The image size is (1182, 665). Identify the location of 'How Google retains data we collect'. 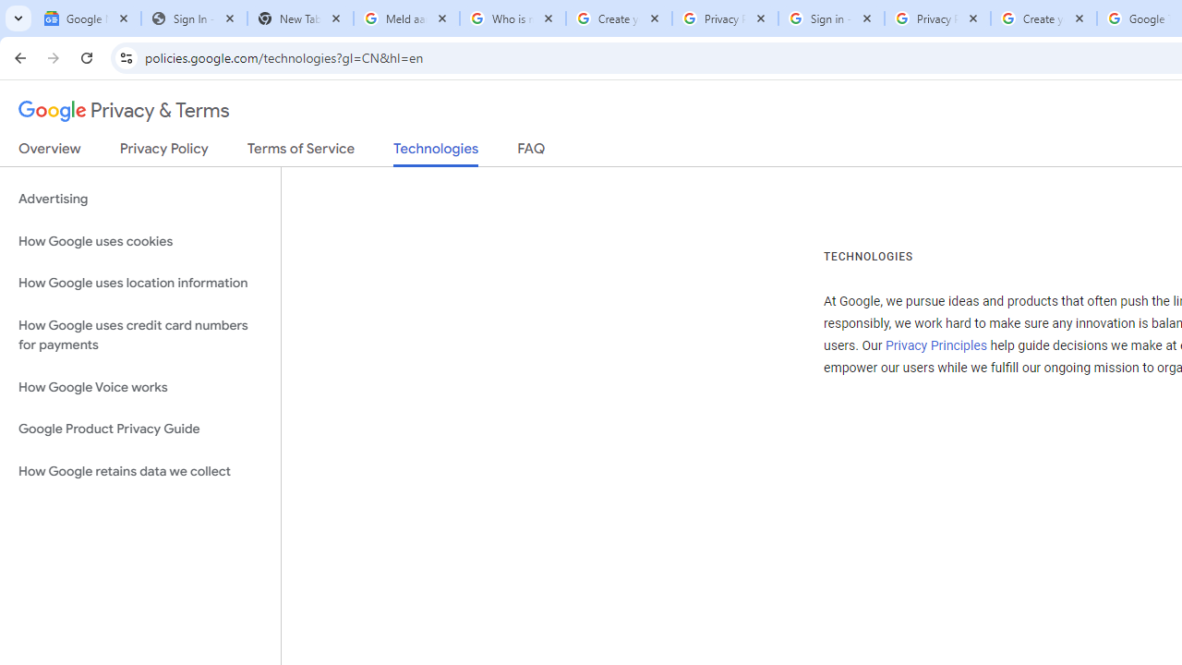
(139, 470).